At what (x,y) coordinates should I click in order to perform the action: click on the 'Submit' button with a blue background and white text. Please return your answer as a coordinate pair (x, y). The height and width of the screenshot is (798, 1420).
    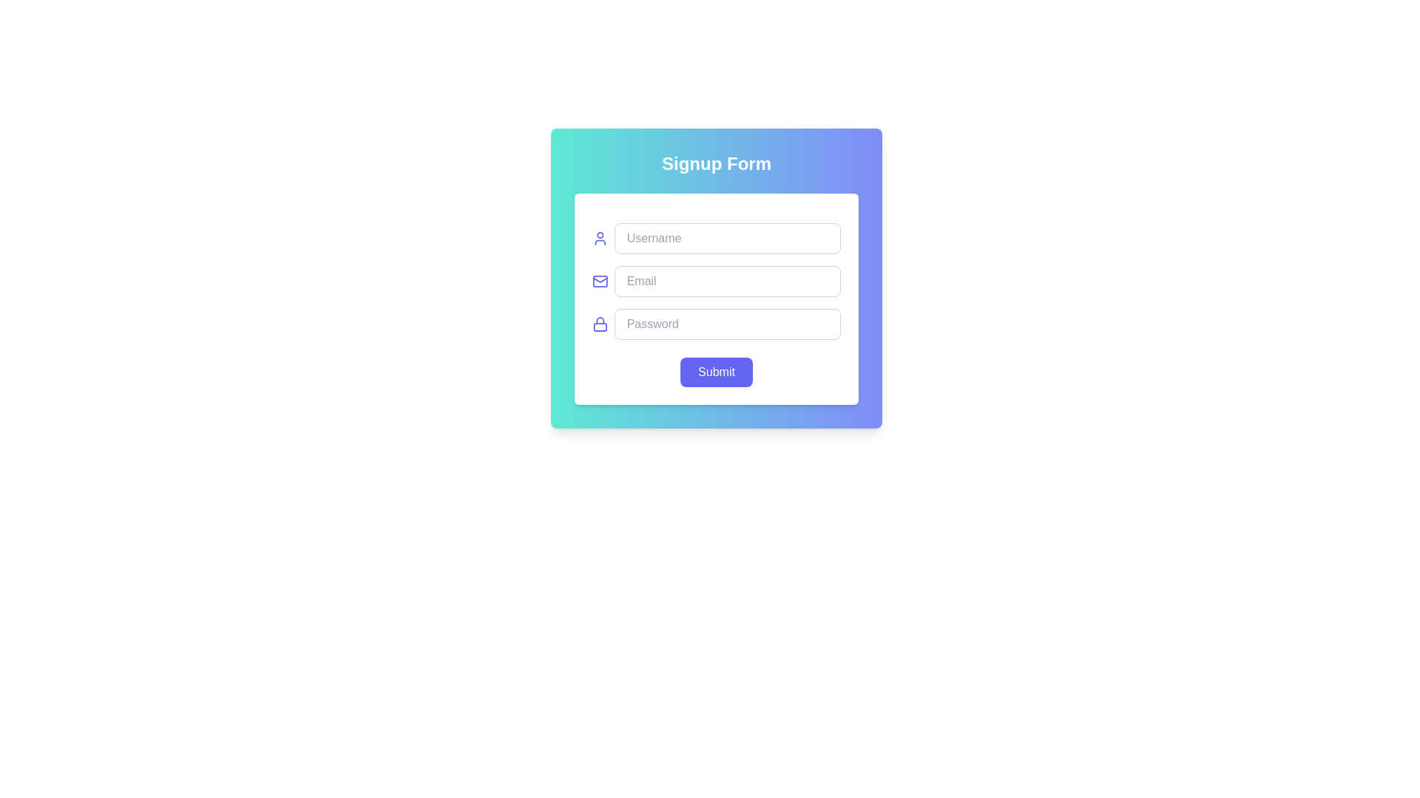
    Looking at the image, I should click on (717, 372).